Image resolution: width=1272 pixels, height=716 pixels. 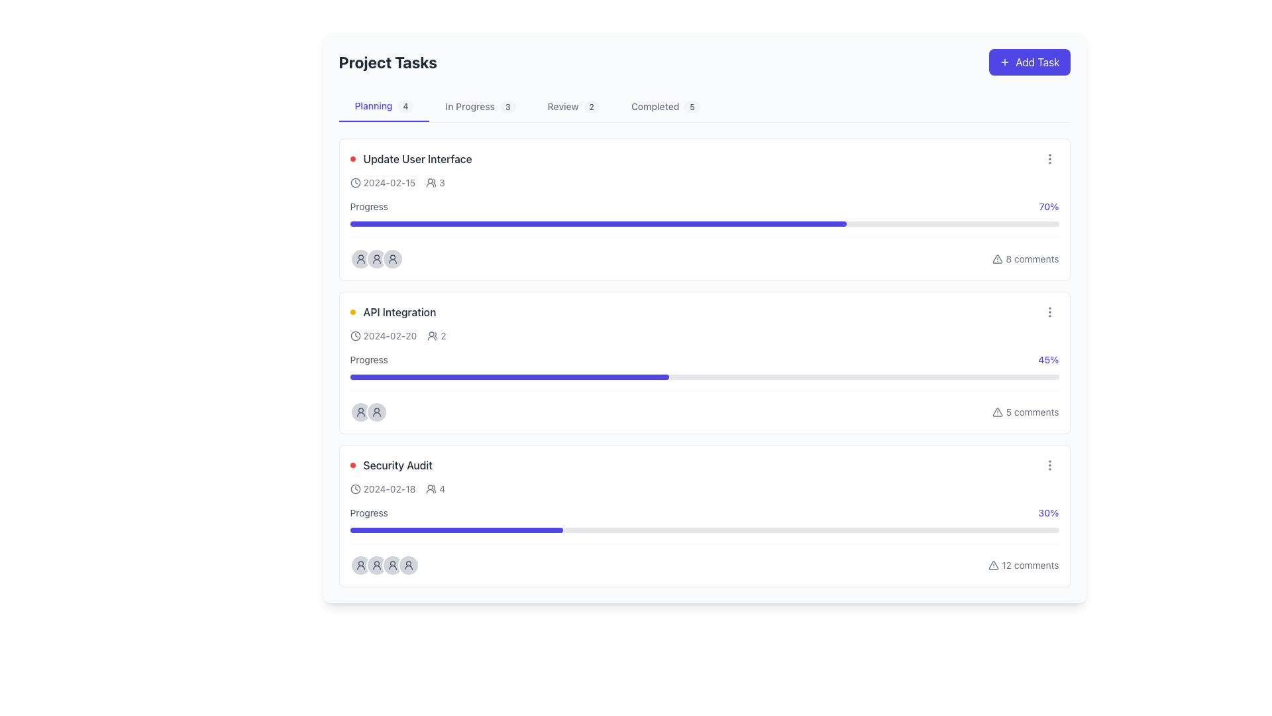 I want to click on the first user avatar in the group of three avatars located just below the 'Progress' bar of the 'Update User Interface' task card in the 'Project Tasks' interface, so click(x=360, y=259).